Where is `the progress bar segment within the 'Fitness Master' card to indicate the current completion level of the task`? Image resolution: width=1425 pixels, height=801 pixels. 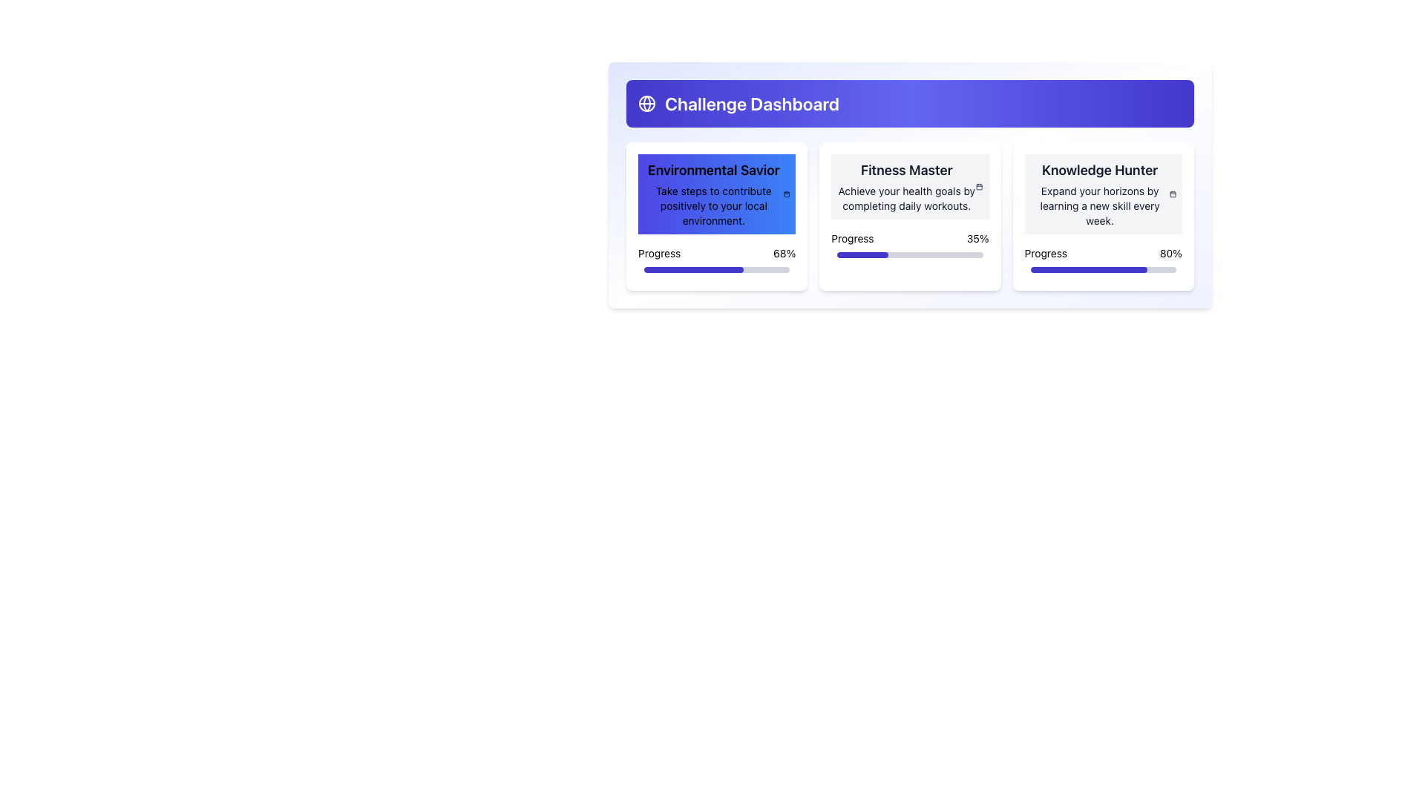 the progress bar segment within the 'Fitness Master' card to indicate the current completion level of the task is located at coordinates (862, 254).